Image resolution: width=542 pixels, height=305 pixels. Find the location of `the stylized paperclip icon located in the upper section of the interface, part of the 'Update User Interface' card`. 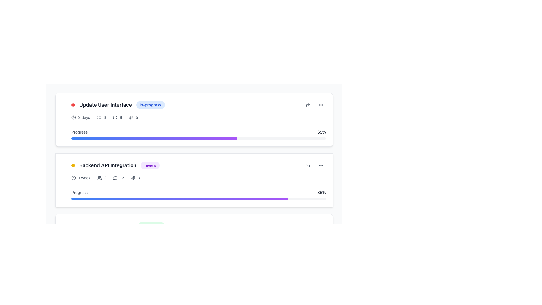

the stylized paperclip icon located in the upper section of the interface, part of the 'Update User Interface' card is located at coordinates (131, 117).